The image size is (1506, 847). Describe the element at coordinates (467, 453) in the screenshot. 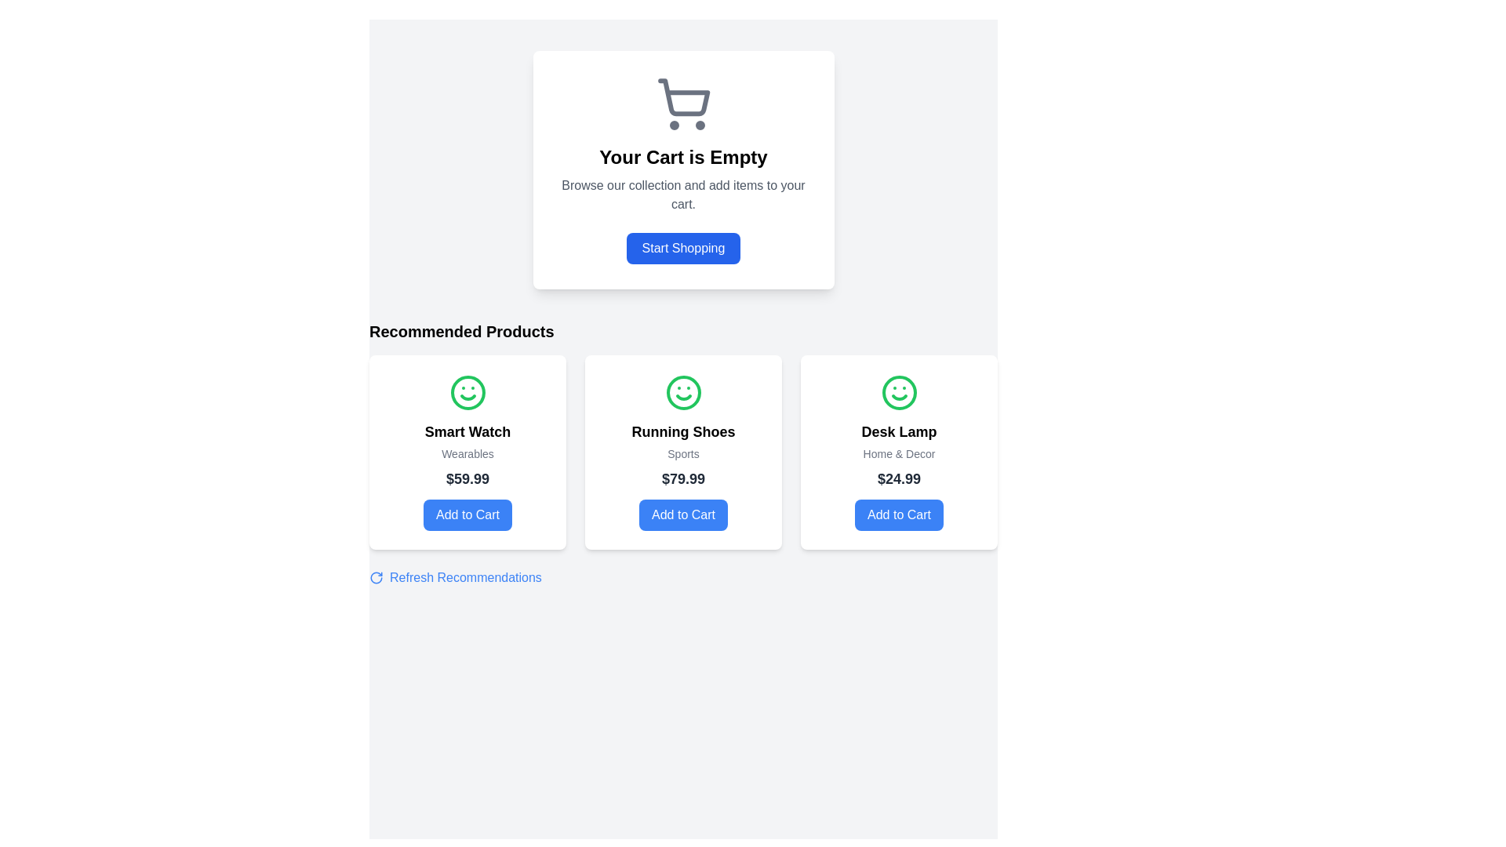

I see `the 'Wearables' text label, which is styled in light gray and located within the first product card of the 'Recommended Products' section, positioned between the product title 'Smart Watch' and the price '$59.99'` at that location.